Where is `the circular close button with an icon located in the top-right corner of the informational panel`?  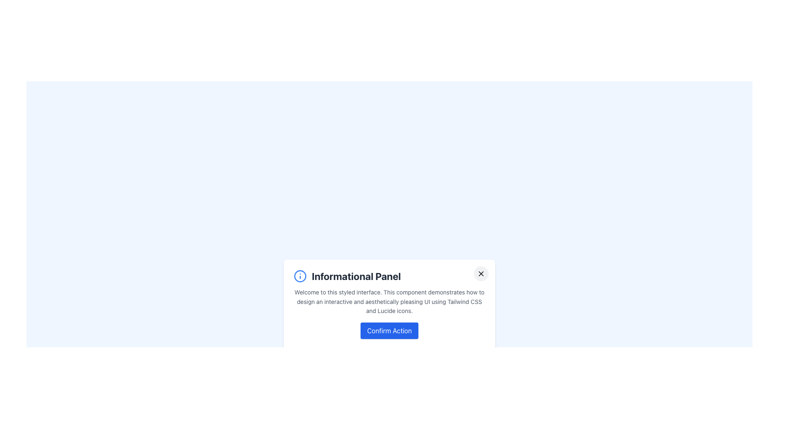
the circular close button with an icon located in the top-right corner of the informational panel is located at coordinates (481, 273).